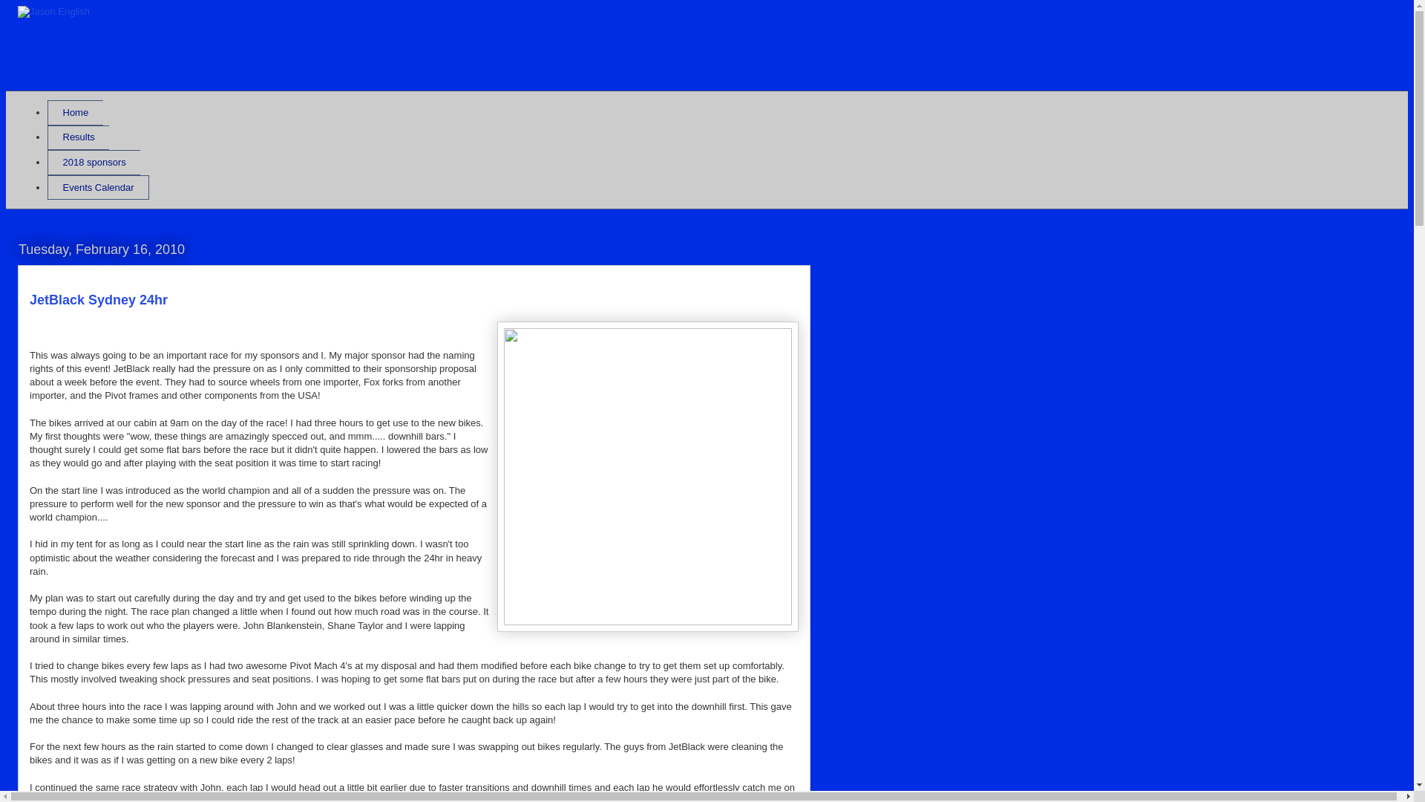 This screenshot has height=802, width=1425. What do you see at coordinates (47, 111) in the screenshot?
I see `'Home'` at bounding box center [47, 111].